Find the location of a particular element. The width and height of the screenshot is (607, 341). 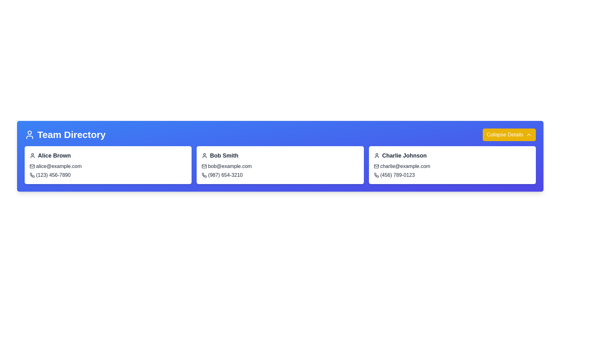

the text label that serves as a title for the team directory, located near the top-left corner of the interface is located at coordinates (65, 135).